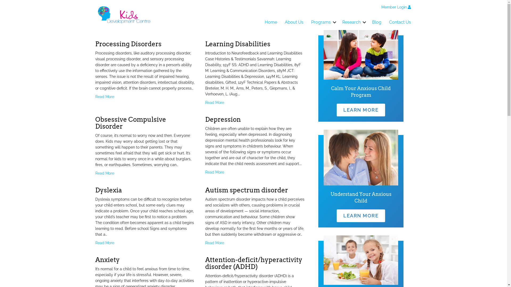 The width and height of the screenshot is (511, 287). What do you see at coordinates (105, 96) in the screenshot?
I see `'Read More'` at bounding box center [105, 96].